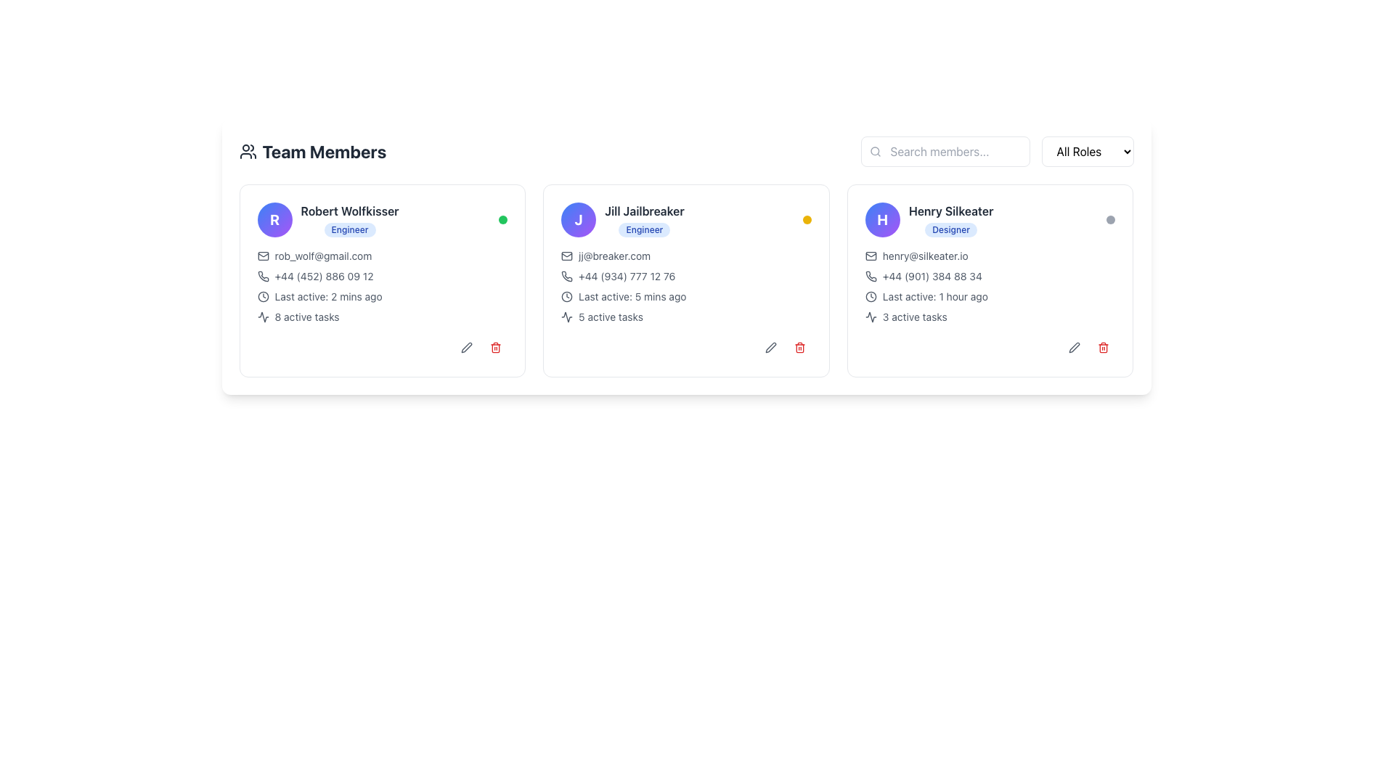 The height and width of the screenshot is (784, 1394). I want to click on the activity icon representing '3 active tasks', which is located in the lower right section of the third profile card, so click(871, 316).